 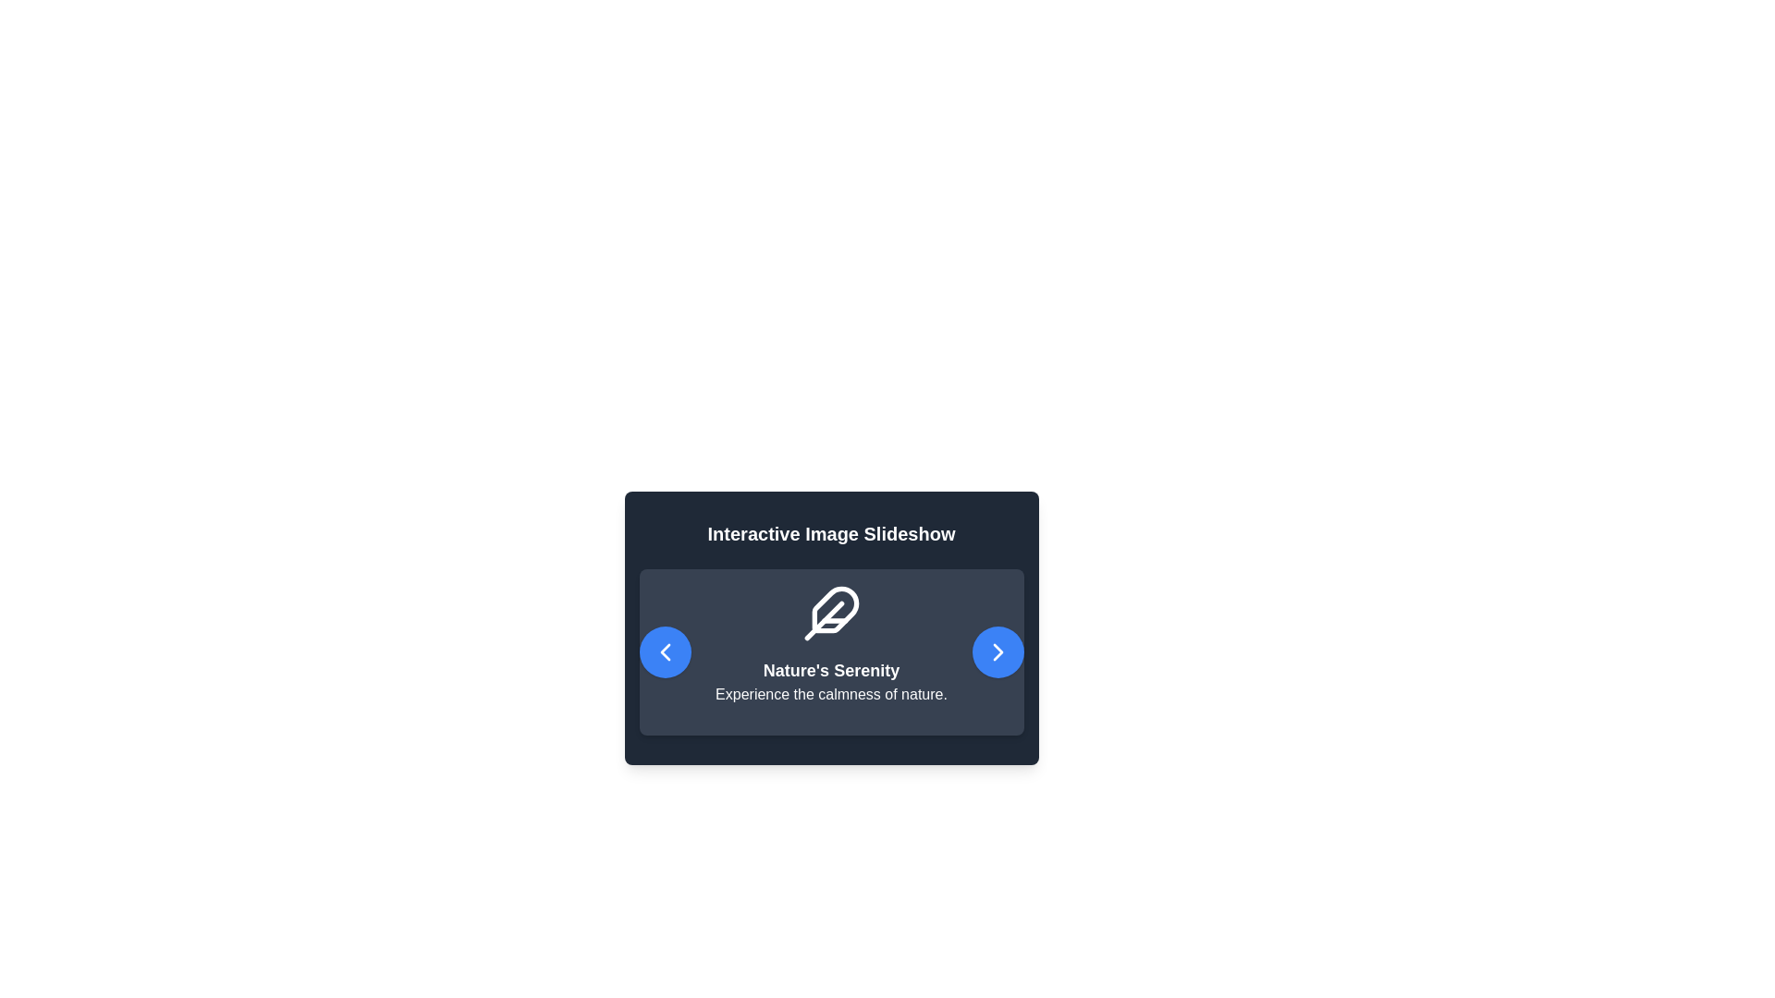 I want to click on the circular button with a blue background and a right-pointing chevron icon for keyboard navigation, so click(x=997, y=651).